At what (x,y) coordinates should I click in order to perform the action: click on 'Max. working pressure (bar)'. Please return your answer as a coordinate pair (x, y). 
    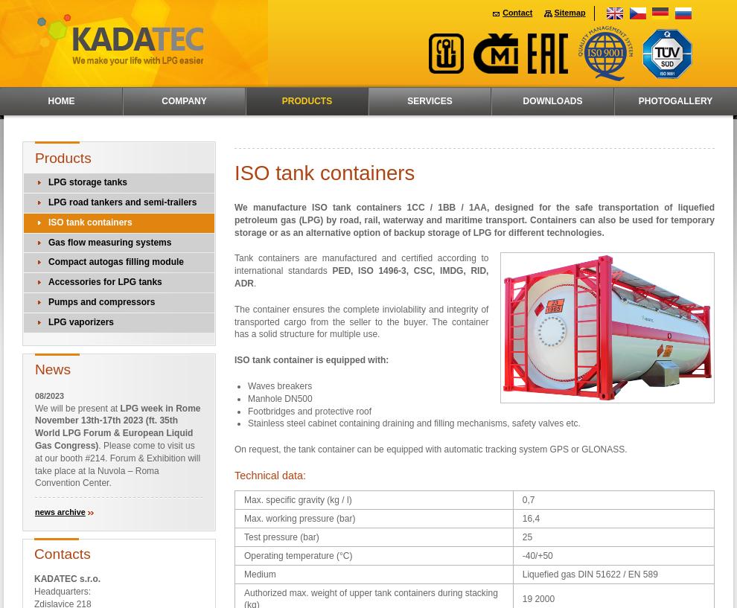
    Looking at the image, I should click on (243, 517).